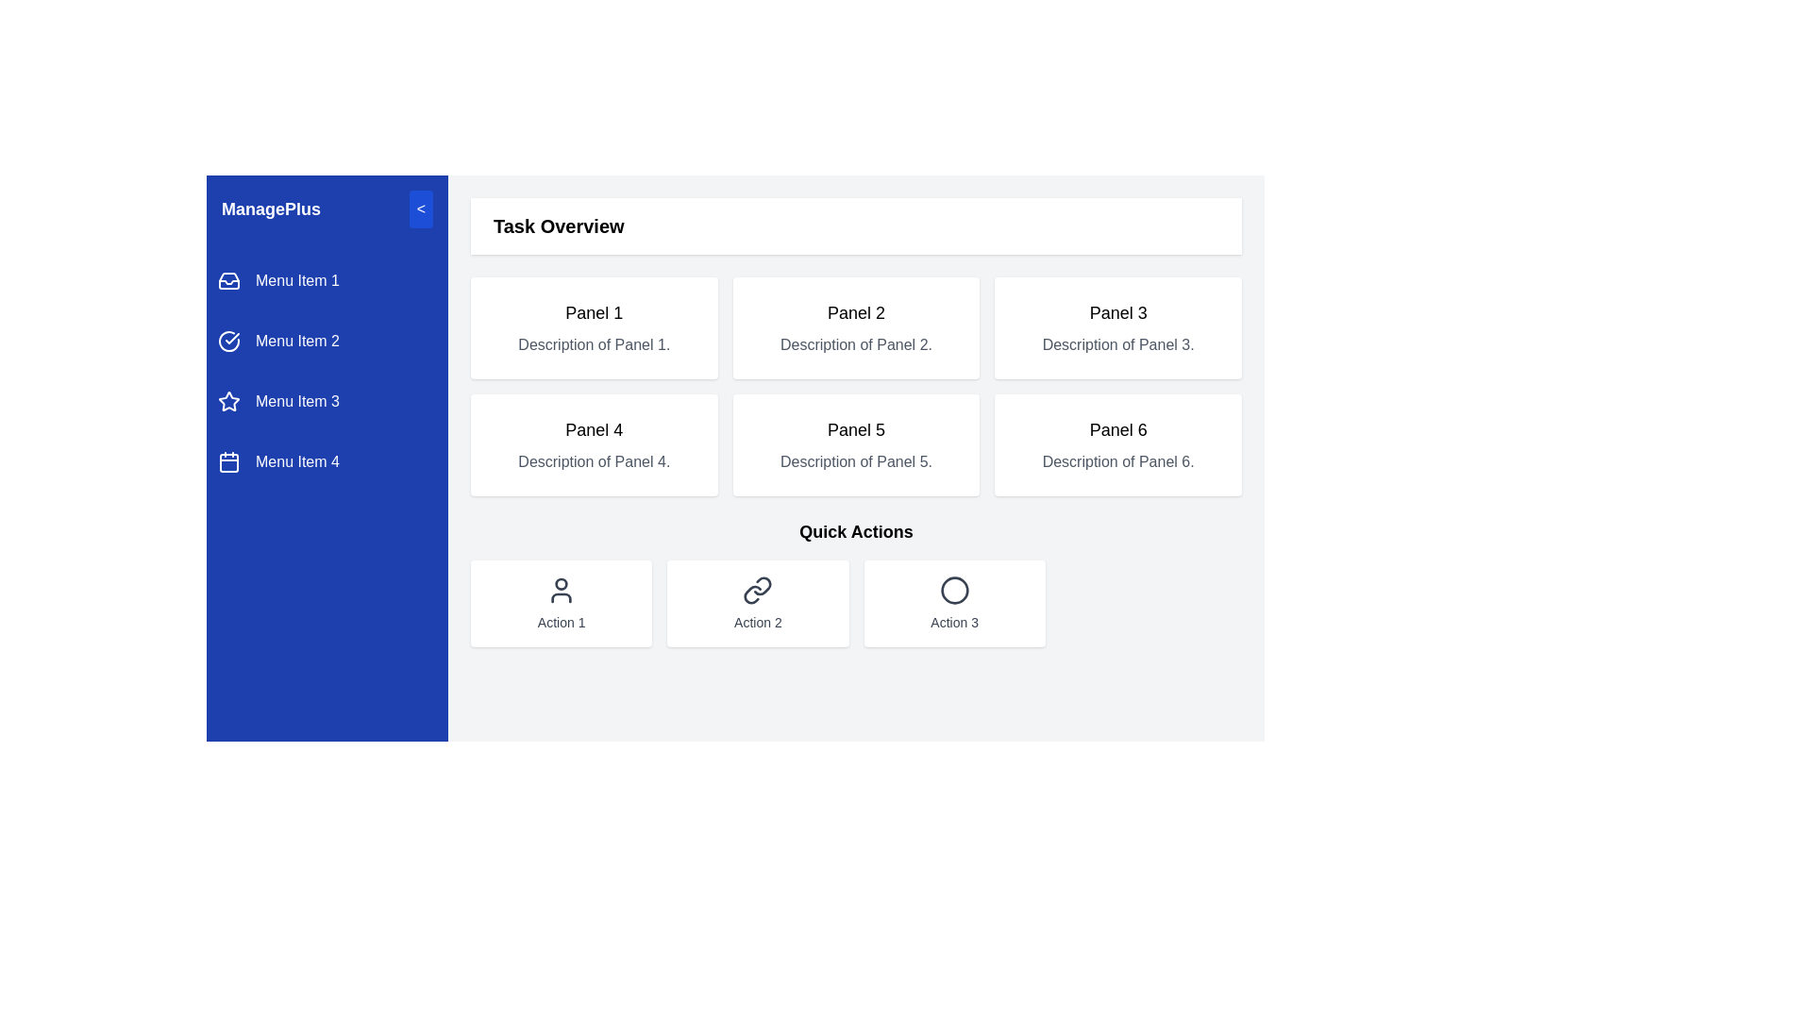 The width and height of the screenshot is (1812, 1019). What do you see at coordinates (758, 589) in the screenshot?
I see `the representation of the link icon, which is dark gray with interconnected semi-circular shapes, located in the center of the second quick action card labeled 'Action 2'` at bounding box center [758, 589].